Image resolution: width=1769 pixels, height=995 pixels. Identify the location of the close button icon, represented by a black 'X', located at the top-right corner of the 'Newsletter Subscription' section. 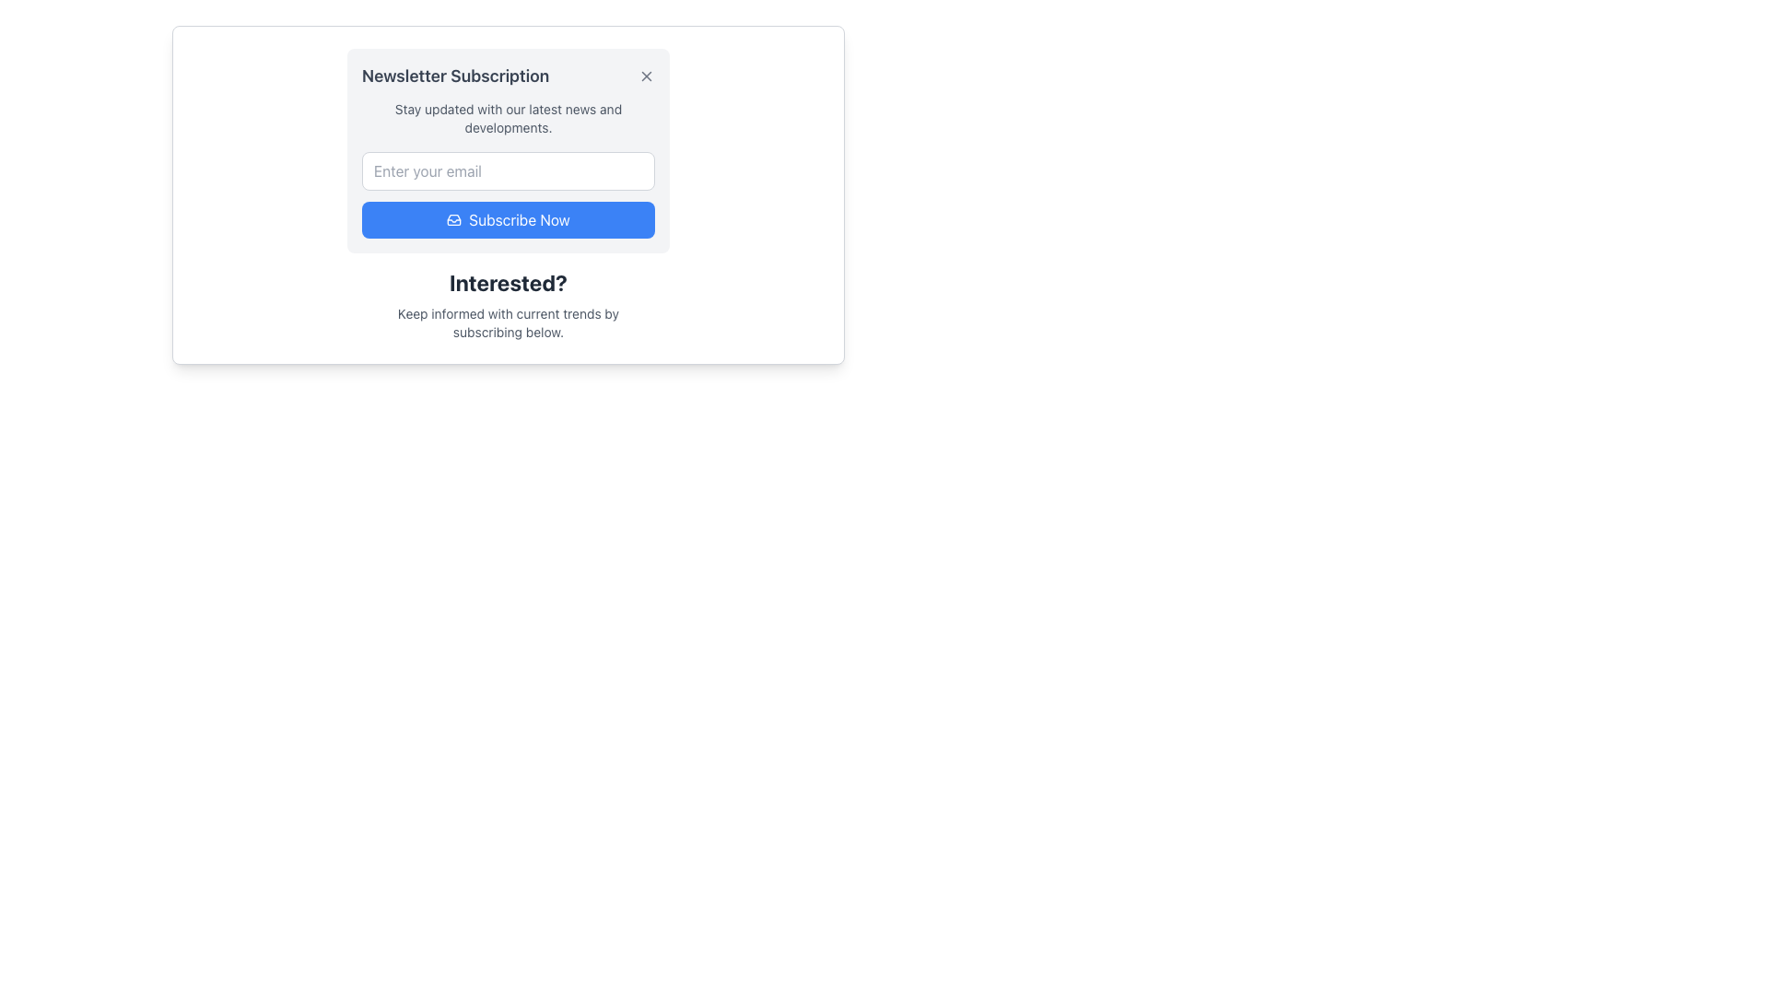
(646, 76).